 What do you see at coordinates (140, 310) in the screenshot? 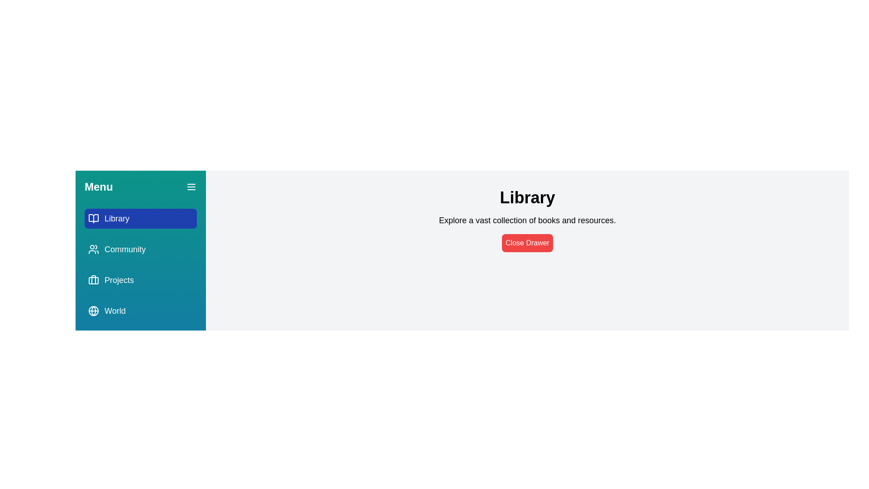
I see `the tab named World from the menu` at bounding box center [140, 310].